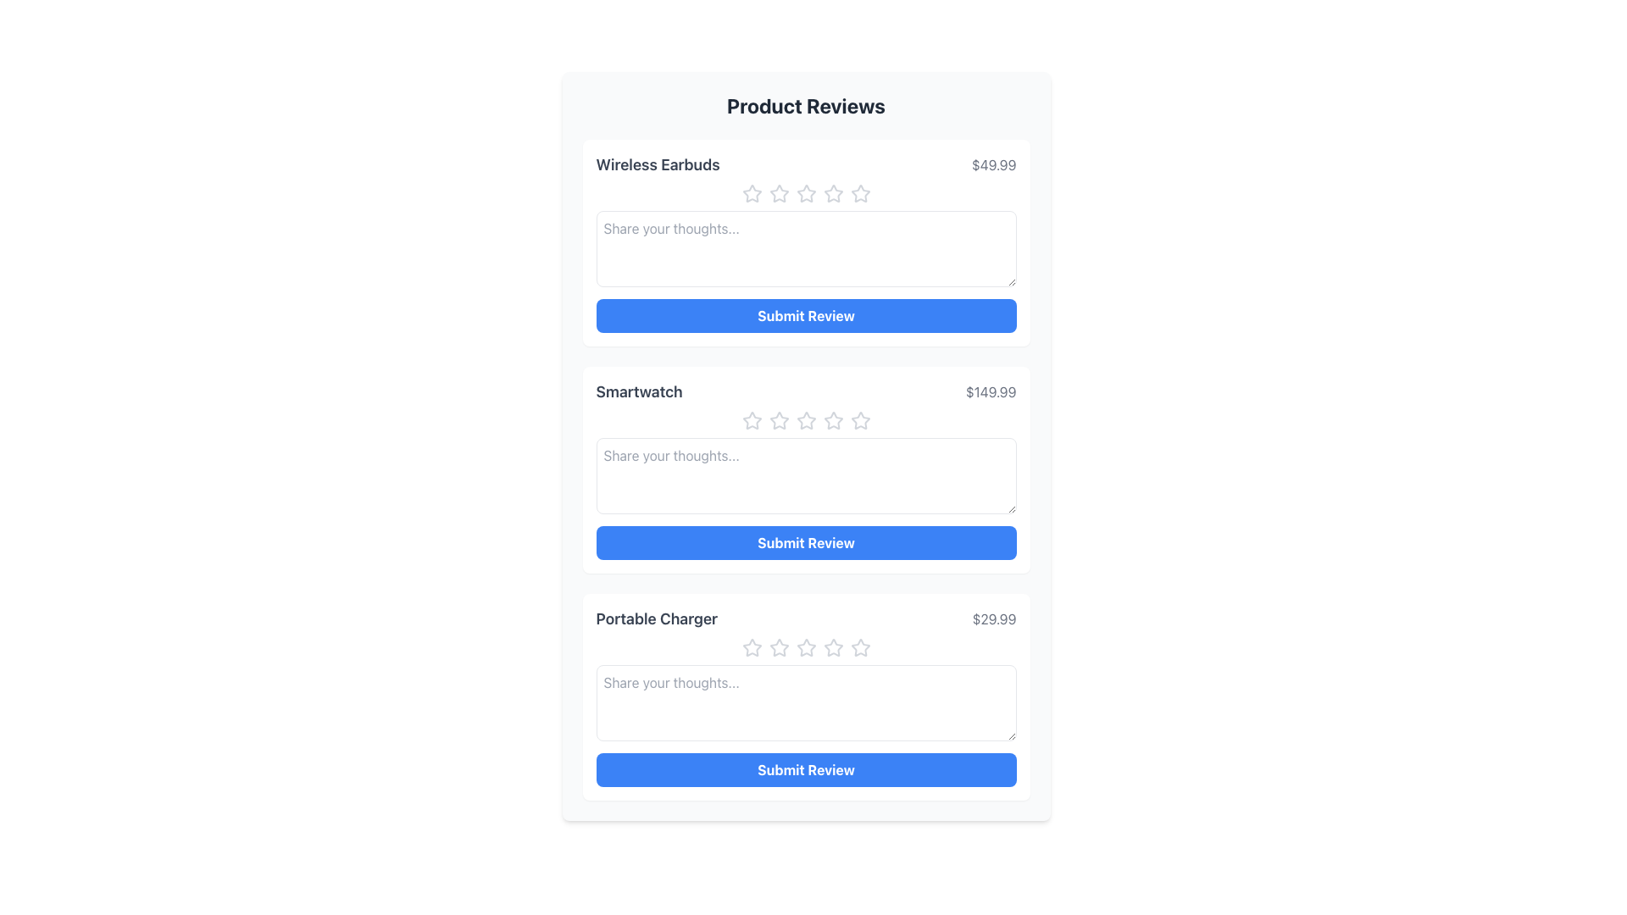 The image size is (1627, 915). What do you see at coordinates (833, 192) in the screenshot?
I see `the fourth star-shaped icon in the rating section of the 'Wireless Earbuds' product review` at bounding box center [833, 192].